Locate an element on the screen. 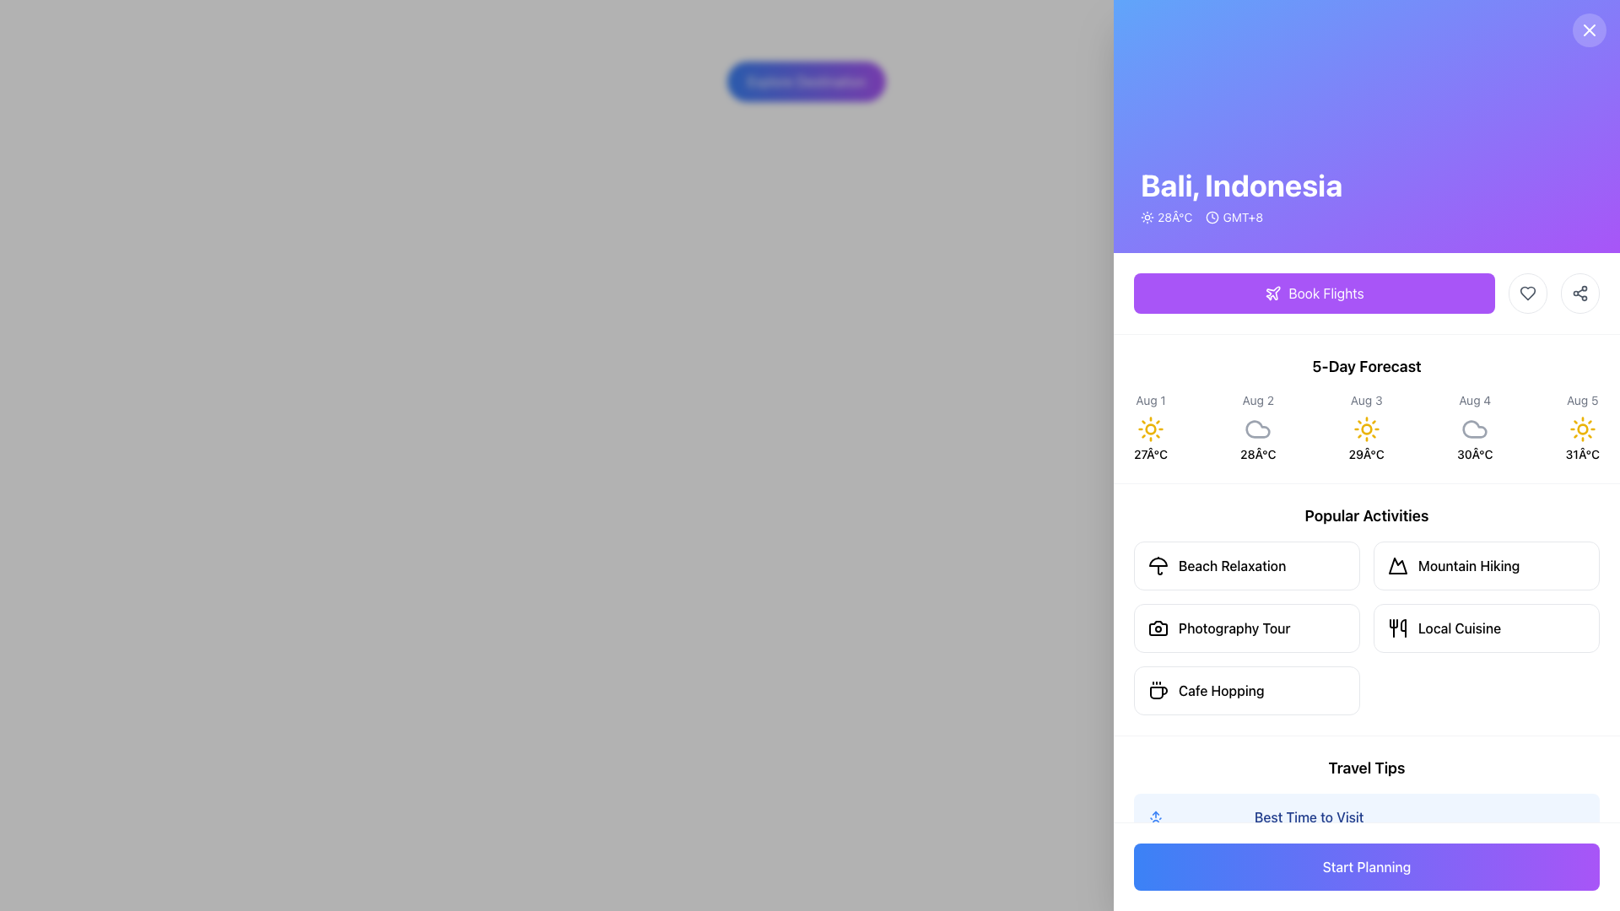 This screenshot has height=911, width=1620. the share button located at the far right of the top bar, next to a heart-shaped icon, to share the current content or page is located at coordinates (1579, 292).